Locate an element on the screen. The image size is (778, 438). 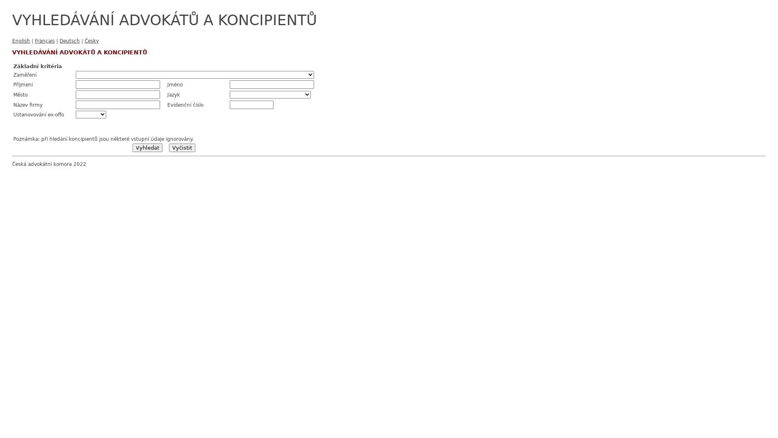
Vyhledat is located at coordinates (147, 148).